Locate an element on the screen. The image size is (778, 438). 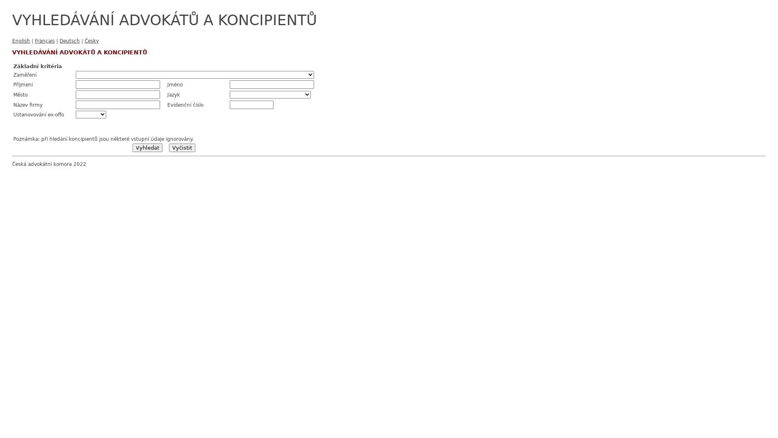
Vyhledat is located at coordinates (147, 148).